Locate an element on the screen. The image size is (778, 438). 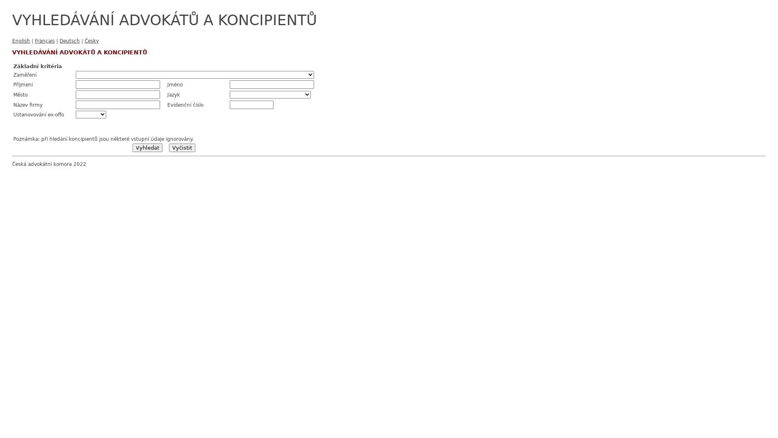
Vyhledat is located at coordinates (147, 148).